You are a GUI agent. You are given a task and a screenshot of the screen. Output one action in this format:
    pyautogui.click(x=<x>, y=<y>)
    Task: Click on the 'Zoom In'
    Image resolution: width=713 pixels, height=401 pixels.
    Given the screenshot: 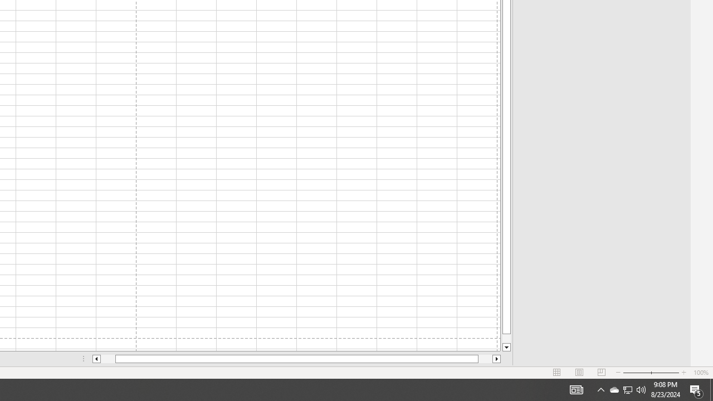 What is the action you would take?
    pyautogui.click(x=683, y=373)
    